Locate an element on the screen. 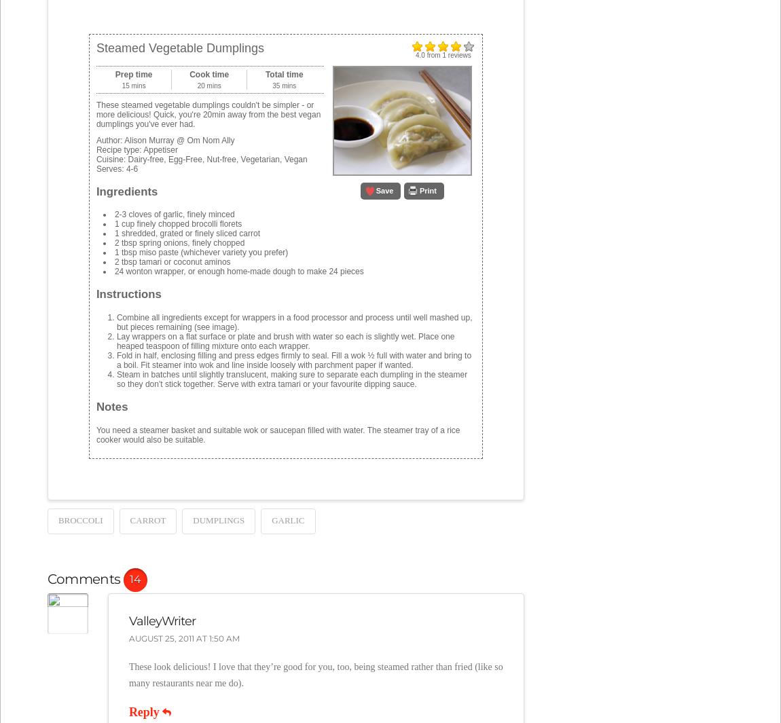 The height and width of the screenshot is (723, 781). '2-3 cloves of garlic, finely minced' is located at coordinates (173, 213).